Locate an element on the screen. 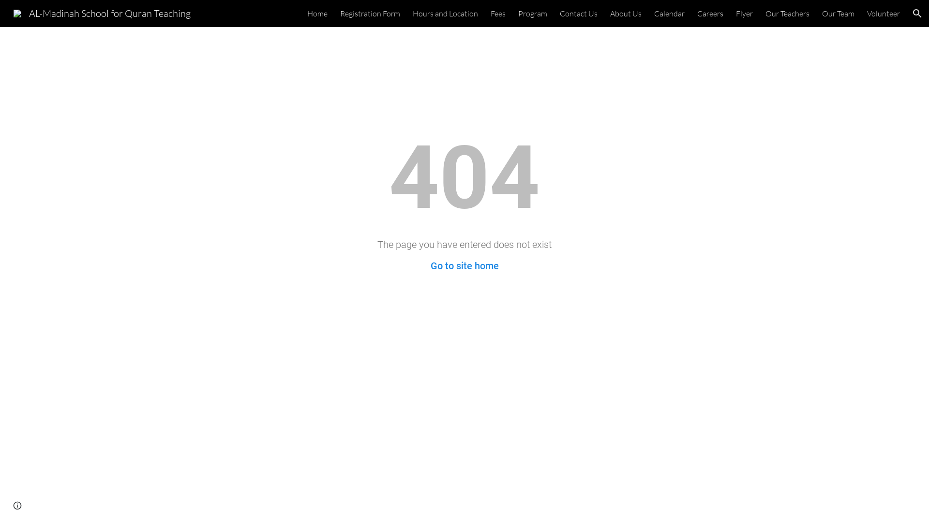  'Home' is located at coordinates (317, 13).